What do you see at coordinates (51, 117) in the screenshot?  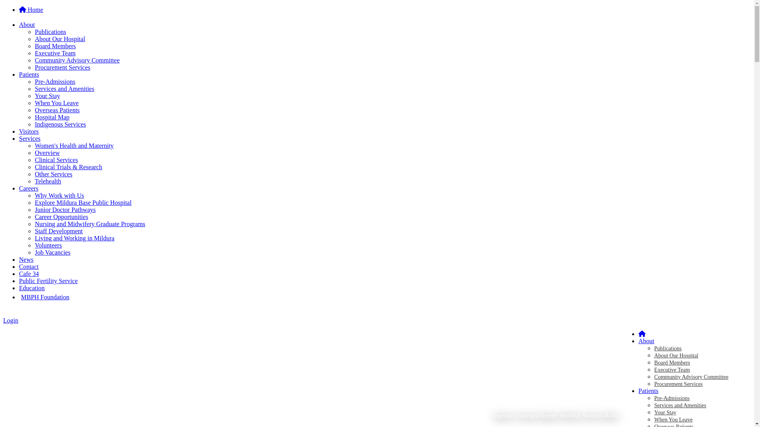 I see `'Hospital Map'` at bounding box center [51, 117].